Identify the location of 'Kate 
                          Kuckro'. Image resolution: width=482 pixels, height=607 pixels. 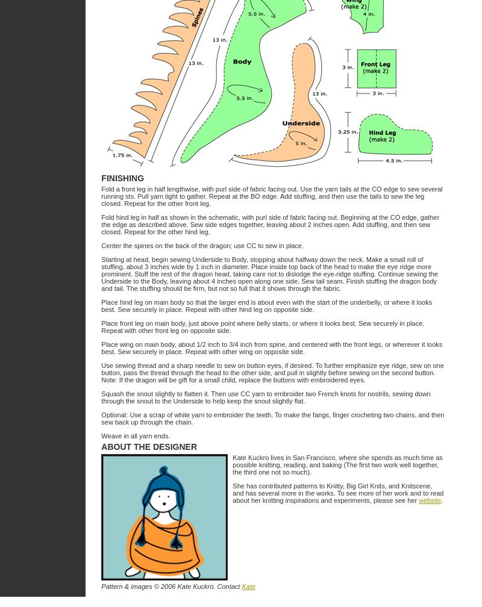
(195, 587).